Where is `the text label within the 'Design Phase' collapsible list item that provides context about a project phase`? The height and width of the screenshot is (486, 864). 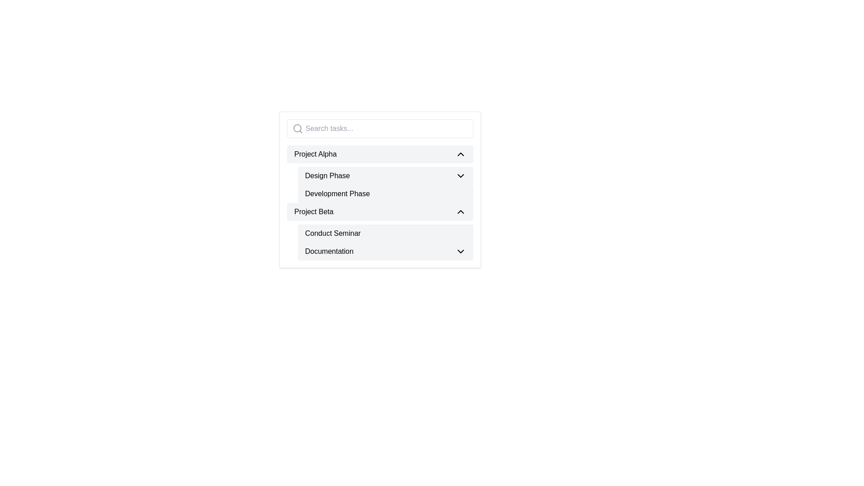
the text label within the 'Design Phase' collapsible list item that provides context about a project phase is located at coordinates (327, 175).